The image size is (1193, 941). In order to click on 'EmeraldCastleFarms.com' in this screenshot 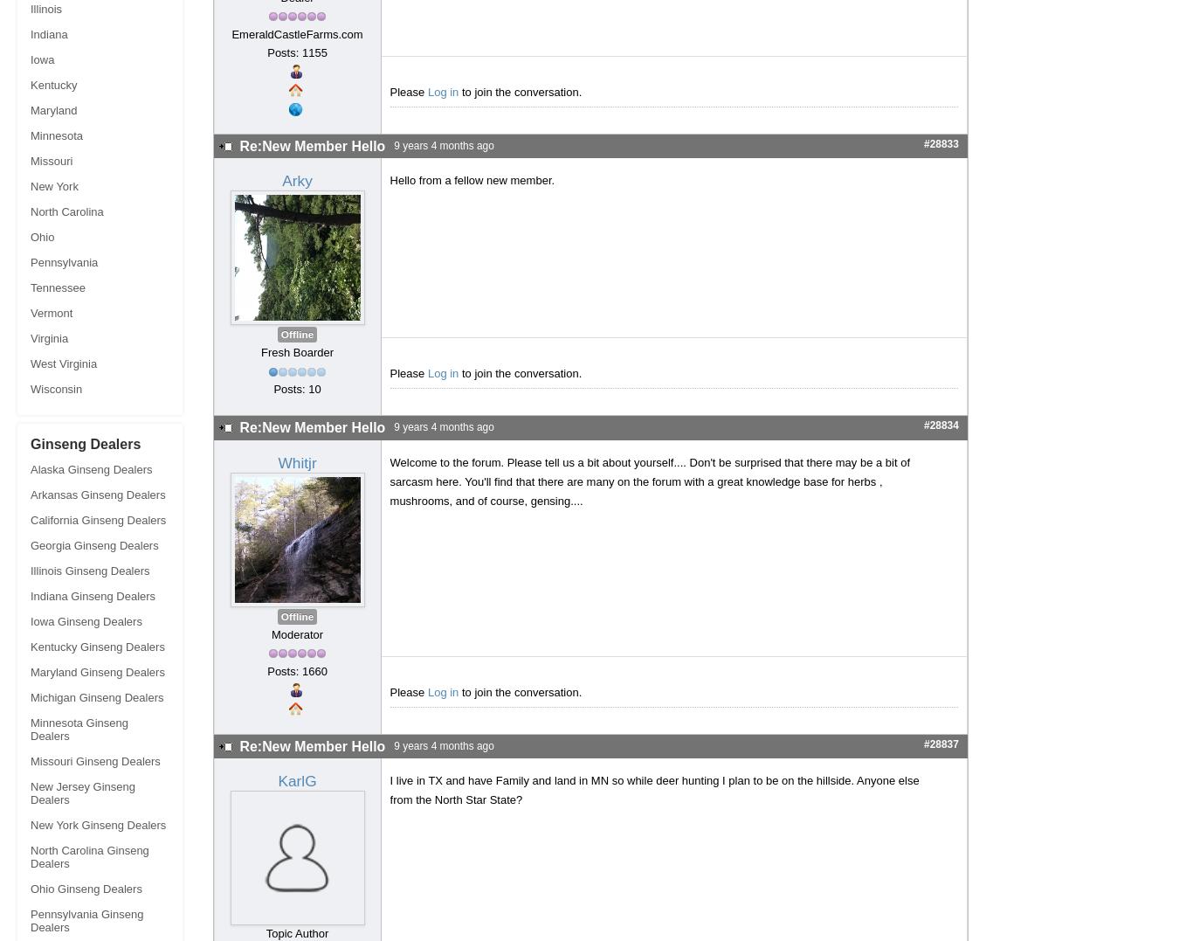, I will do `click(296, 32)`.